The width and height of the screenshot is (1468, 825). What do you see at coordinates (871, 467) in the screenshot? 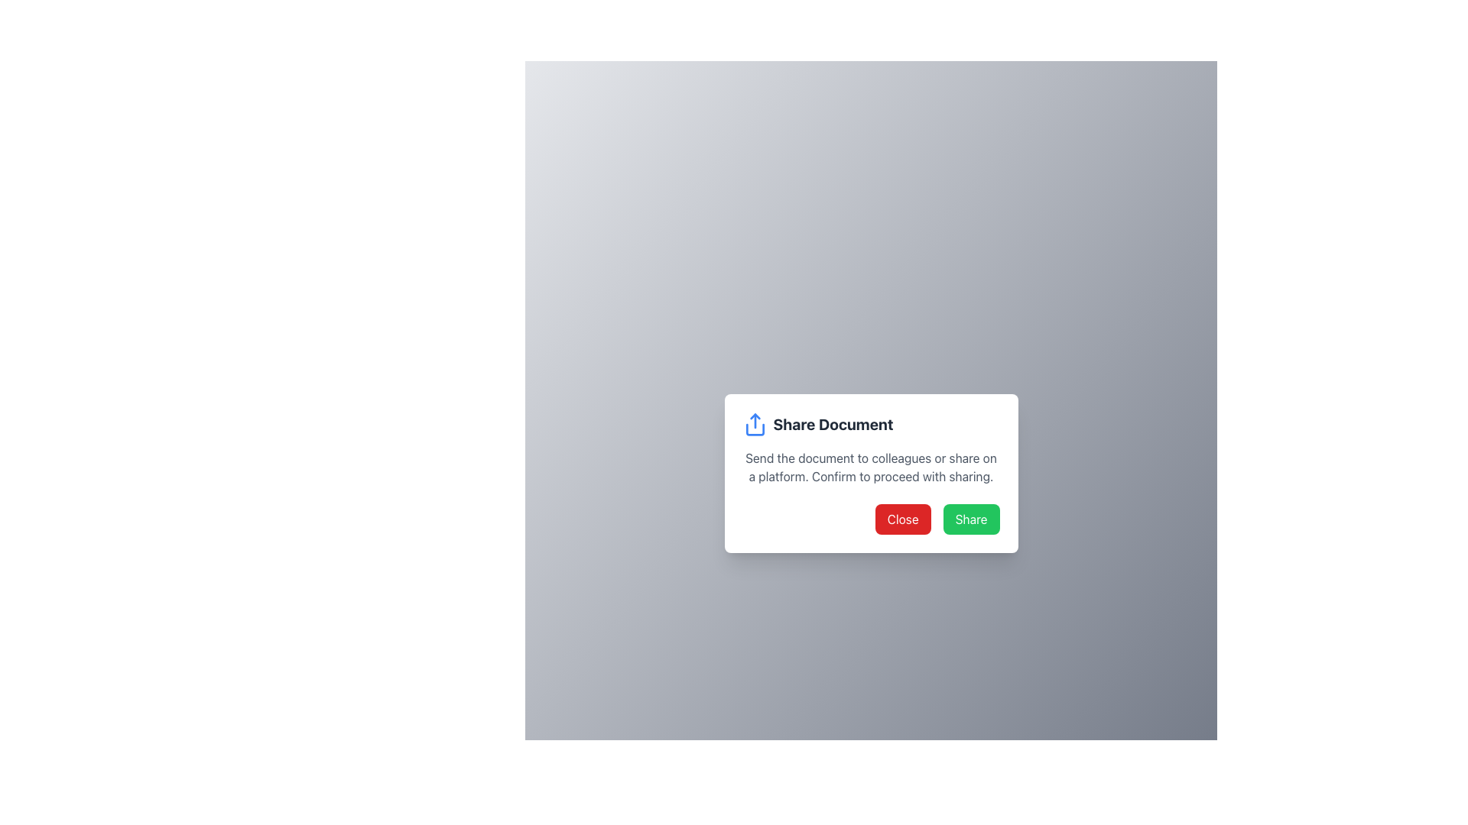
I see `text block located under the title 'Share Document', which contains the message: 'Send the document to colleagues or share on a platform. Confirm to proceed with sharing.'` at bounding box center [871, 467].